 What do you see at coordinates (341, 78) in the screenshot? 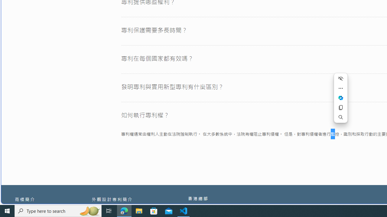
I see `'Hide menu'` at bounding box center [341, 78].